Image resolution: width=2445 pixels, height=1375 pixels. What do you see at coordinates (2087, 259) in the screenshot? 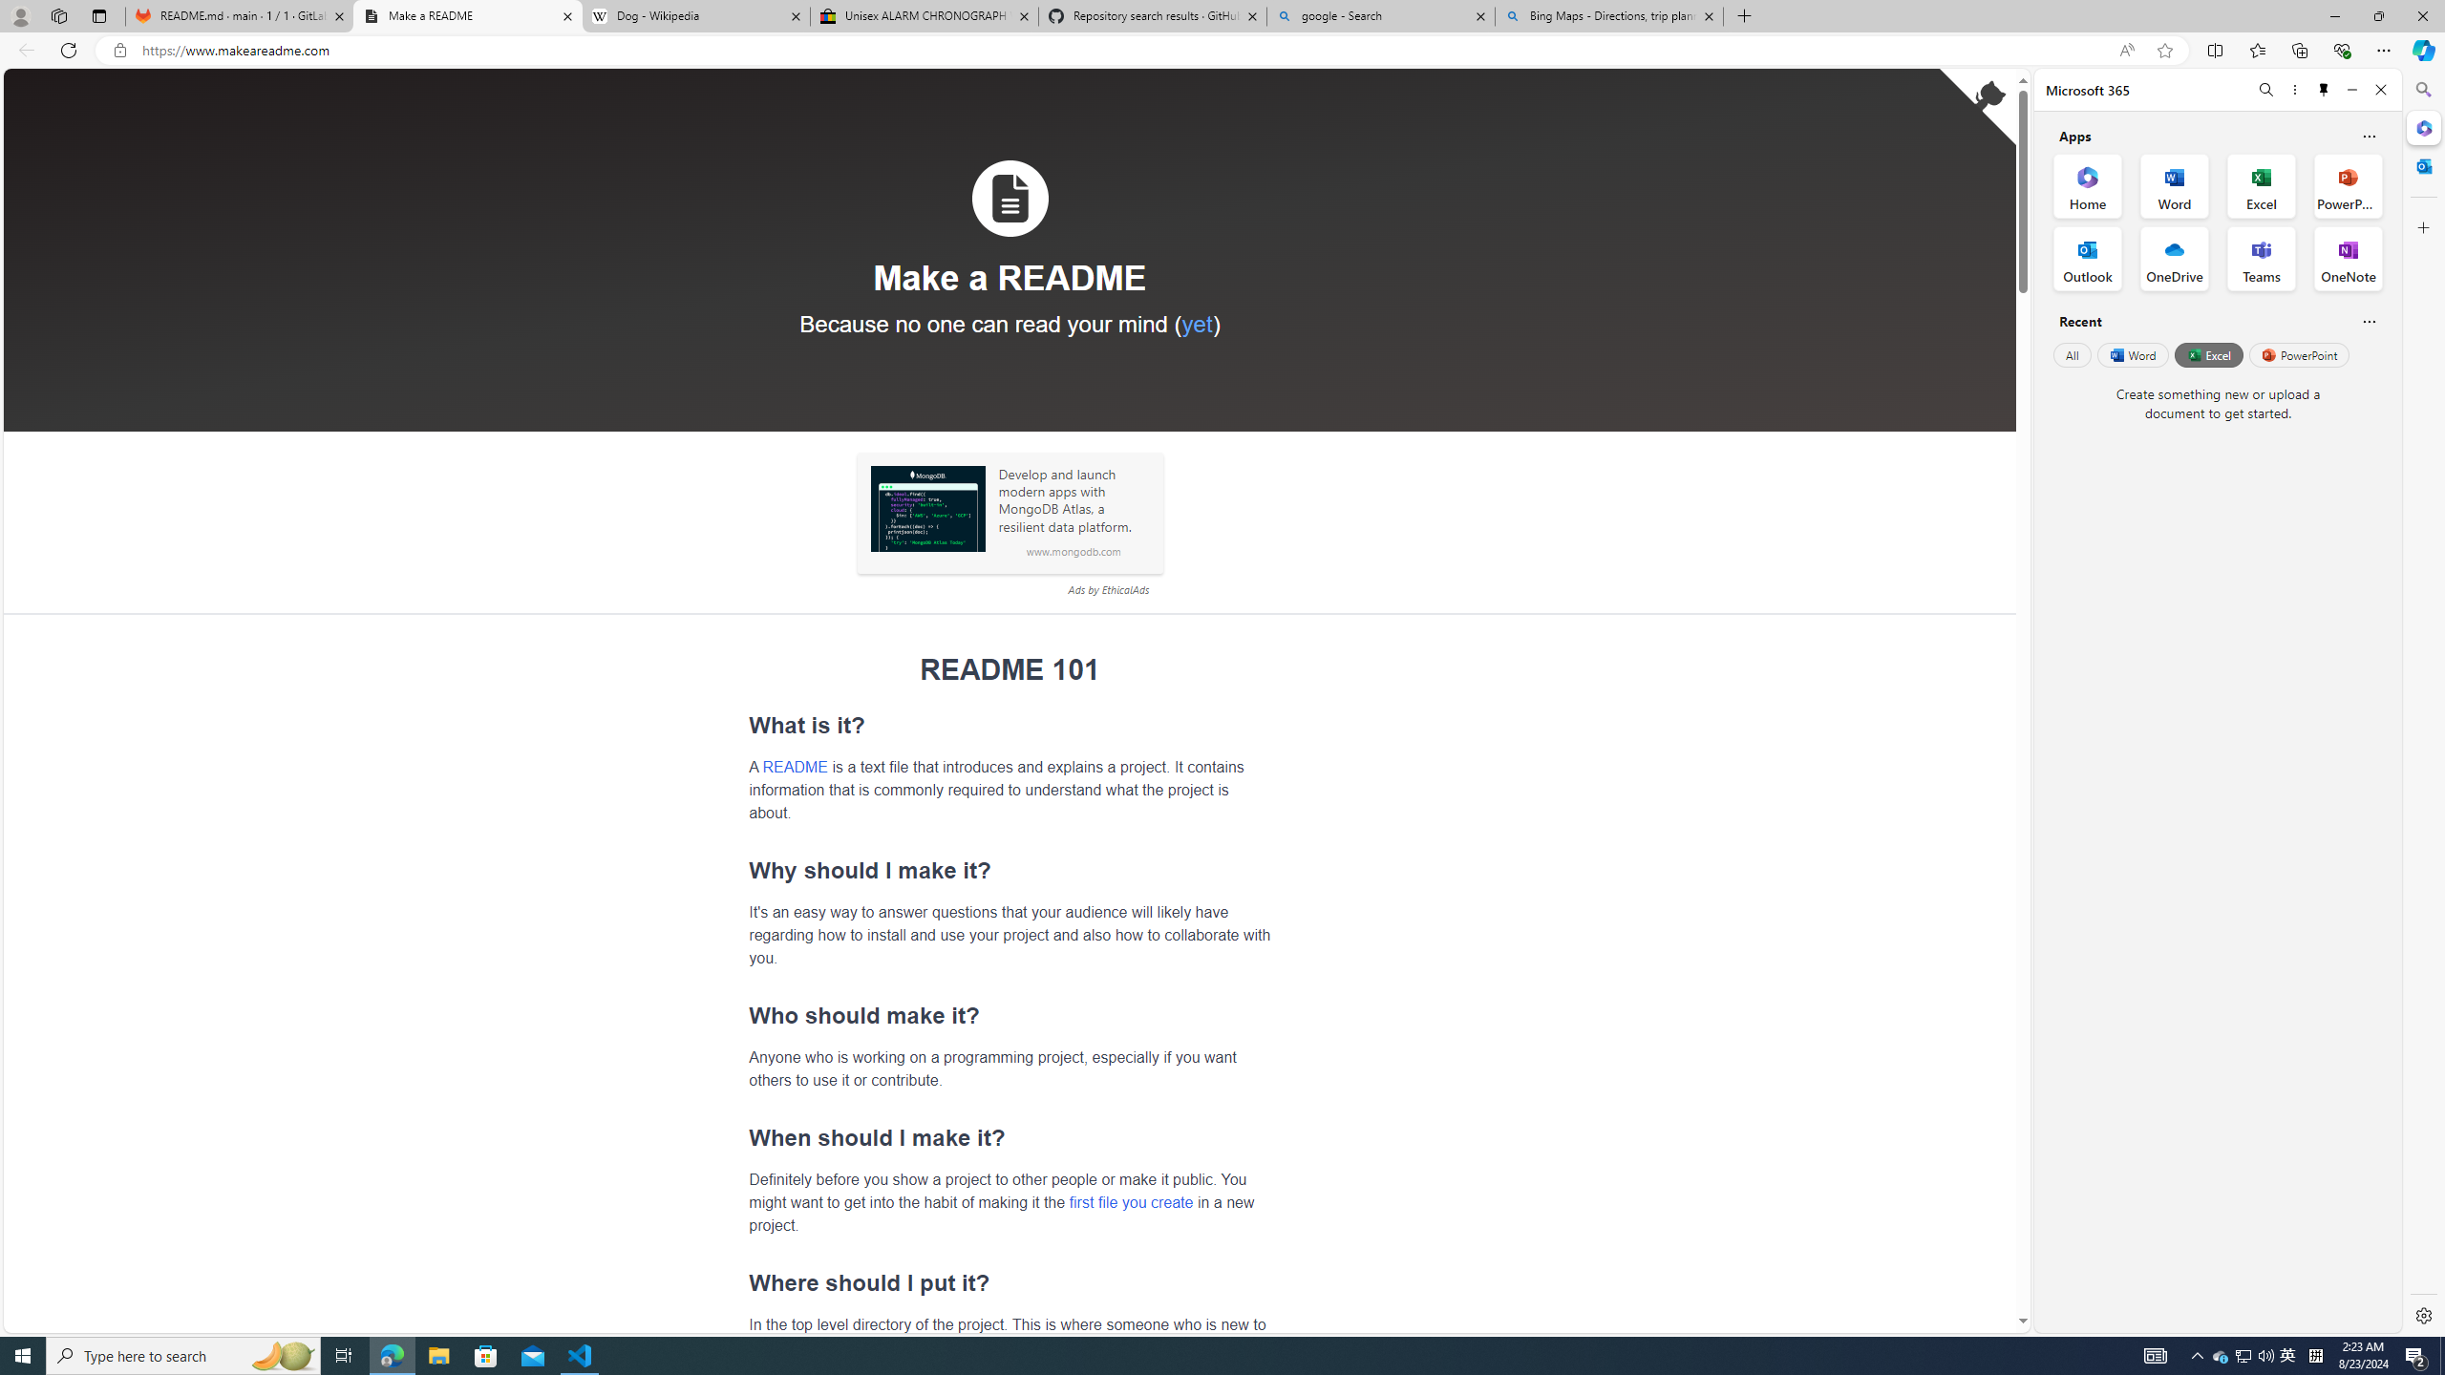
I see `'Outlook Office App'` at bounding box center [2087, 259].